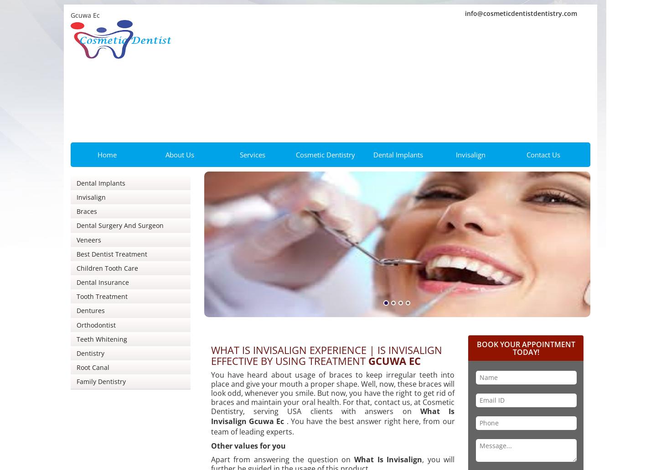 The height and width of the screenshot is (470, 661). I want to click on 'Services', so click(252, 154).